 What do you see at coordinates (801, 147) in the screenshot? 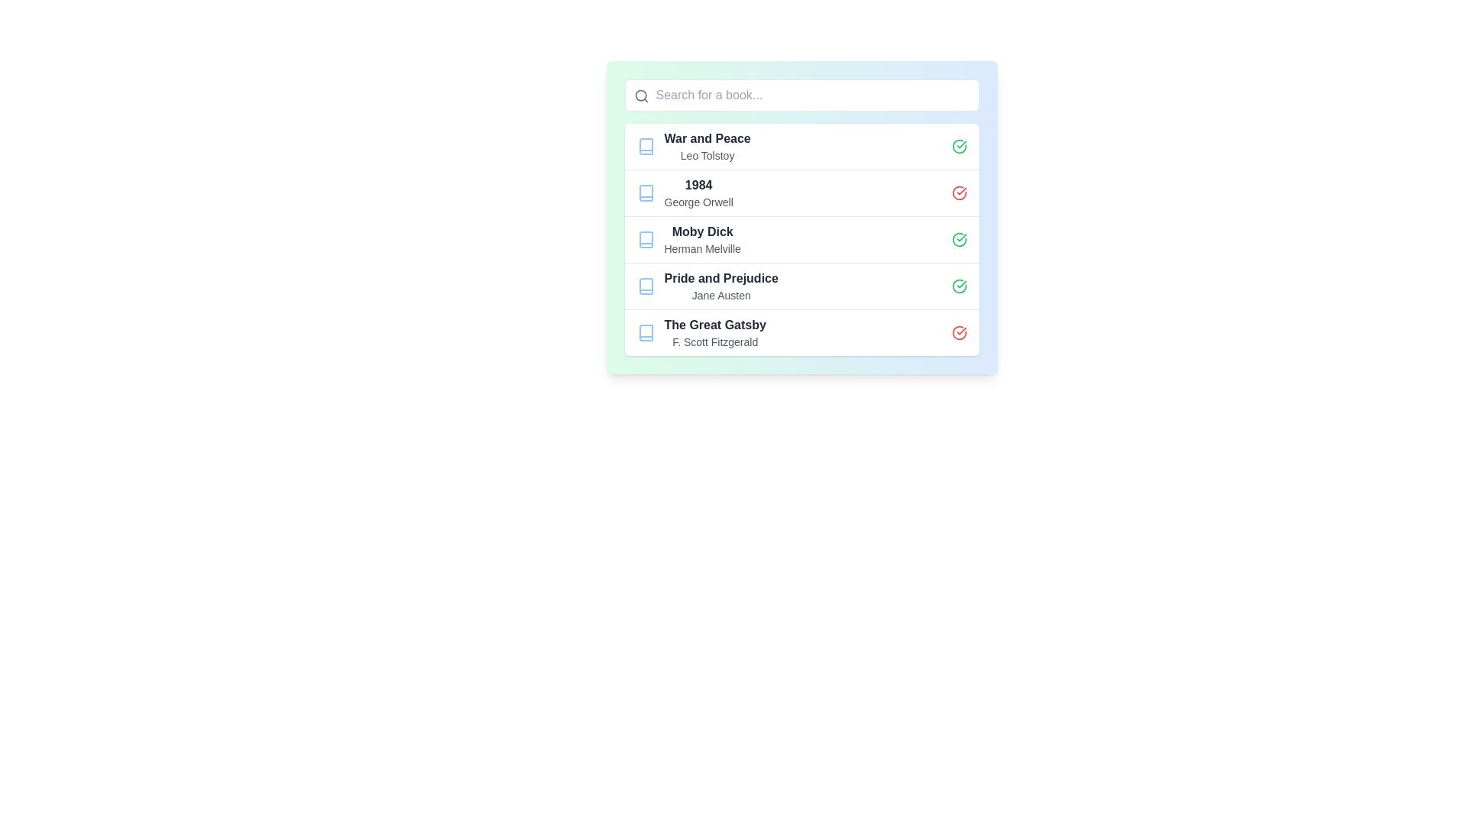
I see `the first list item entry labeled 'War and Peace' with the book icon and checkmark icon from its current position` at bounding box center [801, 147].